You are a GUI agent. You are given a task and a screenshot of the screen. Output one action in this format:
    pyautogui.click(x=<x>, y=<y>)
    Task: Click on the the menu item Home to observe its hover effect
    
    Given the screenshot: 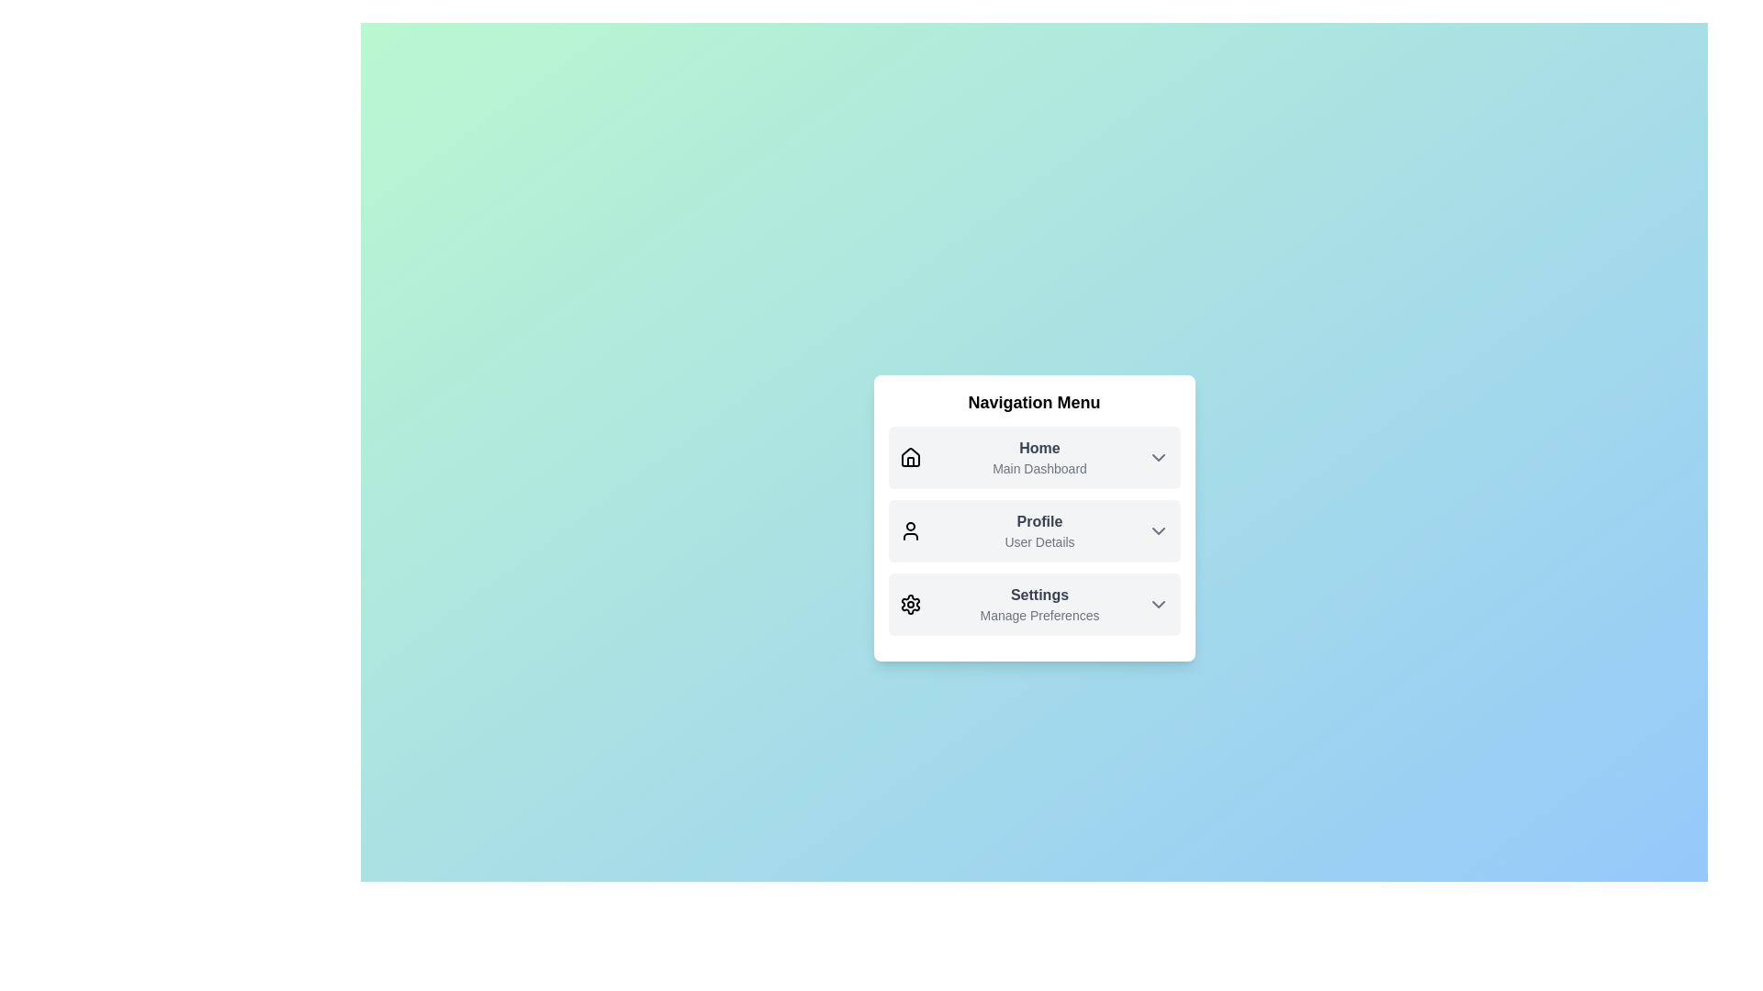 What is the action you would take?
    pyautogui.click(x=1034, y=456)
    